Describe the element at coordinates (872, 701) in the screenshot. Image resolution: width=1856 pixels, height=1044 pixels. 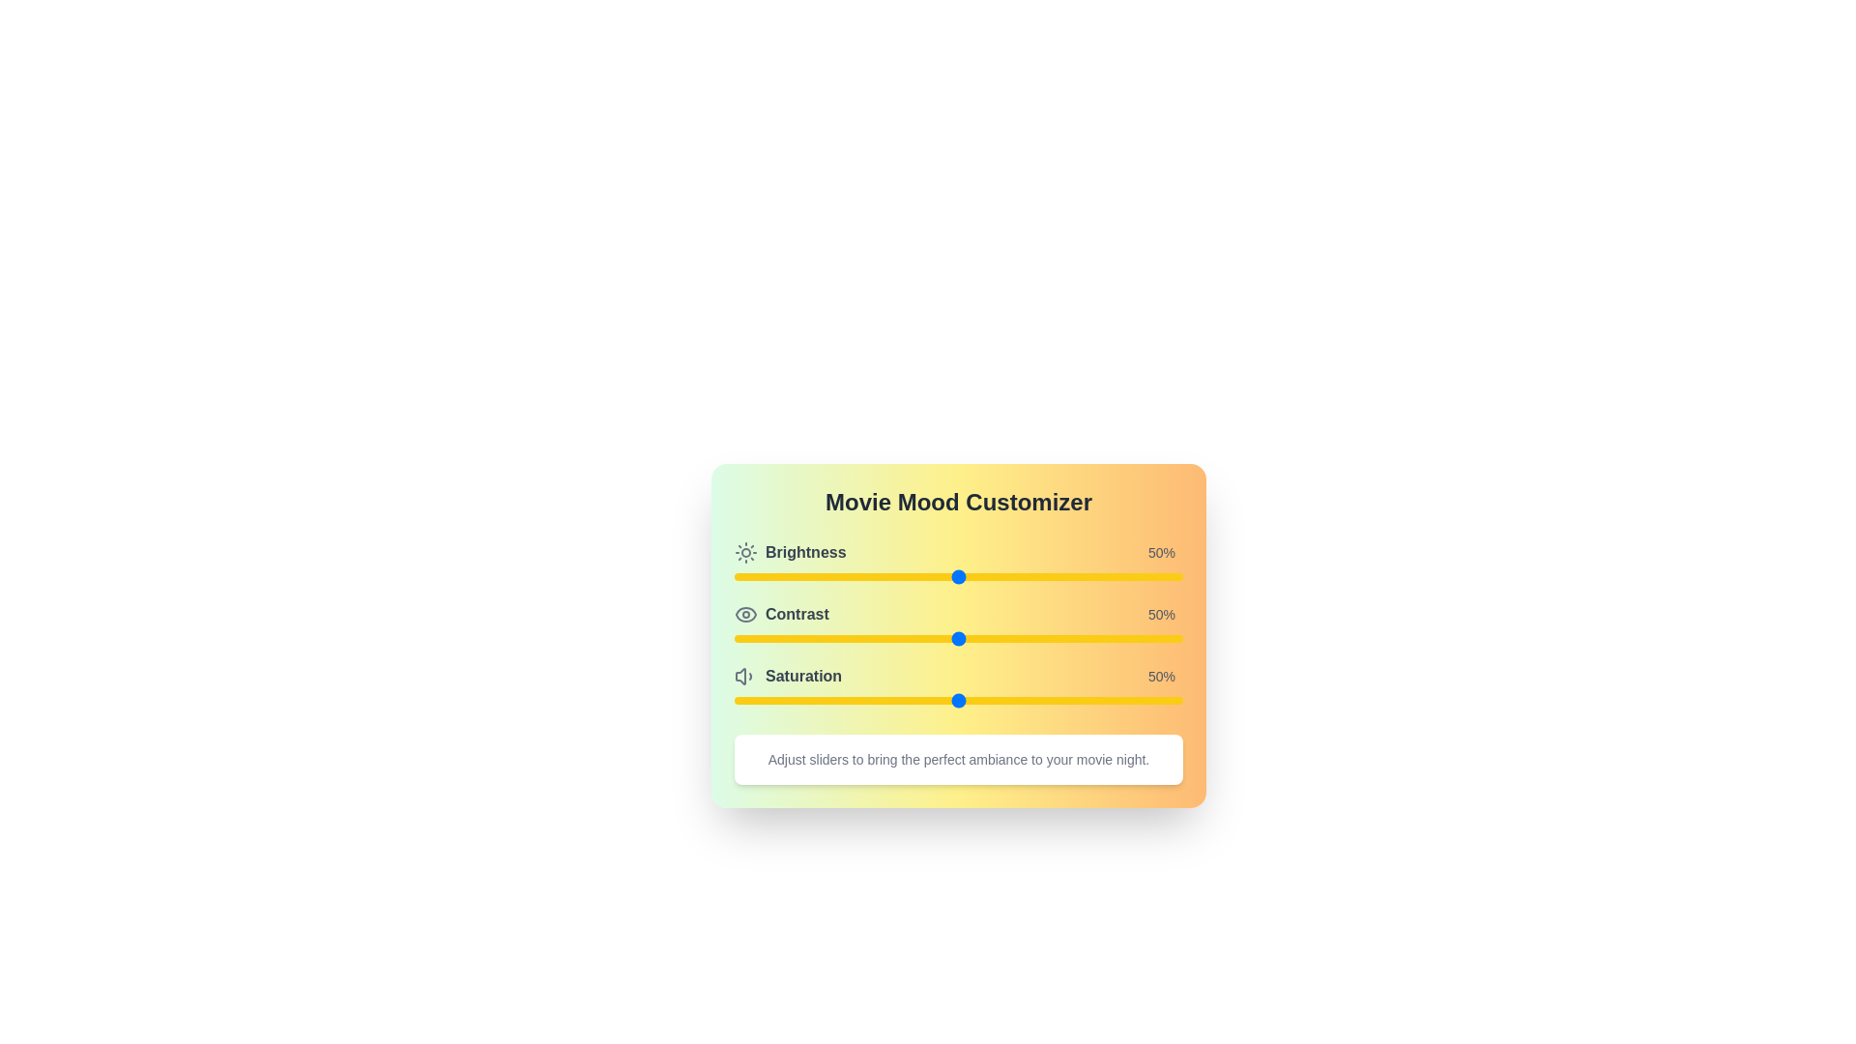
I see `the saturation level` at that location.